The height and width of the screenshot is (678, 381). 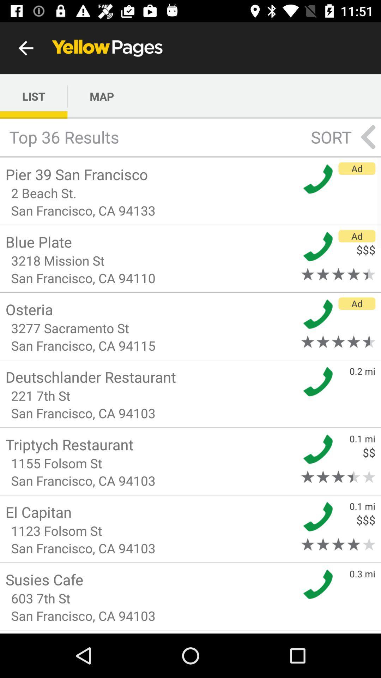 What do you see at coordinates (368, 137) in the screenshot?
I see `the arrow_backward icon` at bounding box center [368, 137].